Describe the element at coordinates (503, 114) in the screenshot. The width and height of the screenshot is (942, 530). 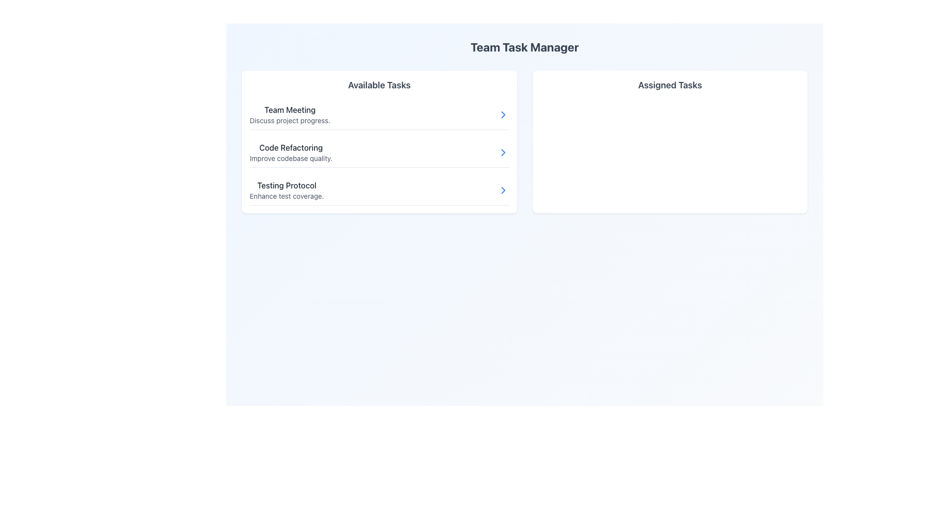
I see `the small rightward chevron arrow icon in the 'Team Meeting' task entry` at that location.